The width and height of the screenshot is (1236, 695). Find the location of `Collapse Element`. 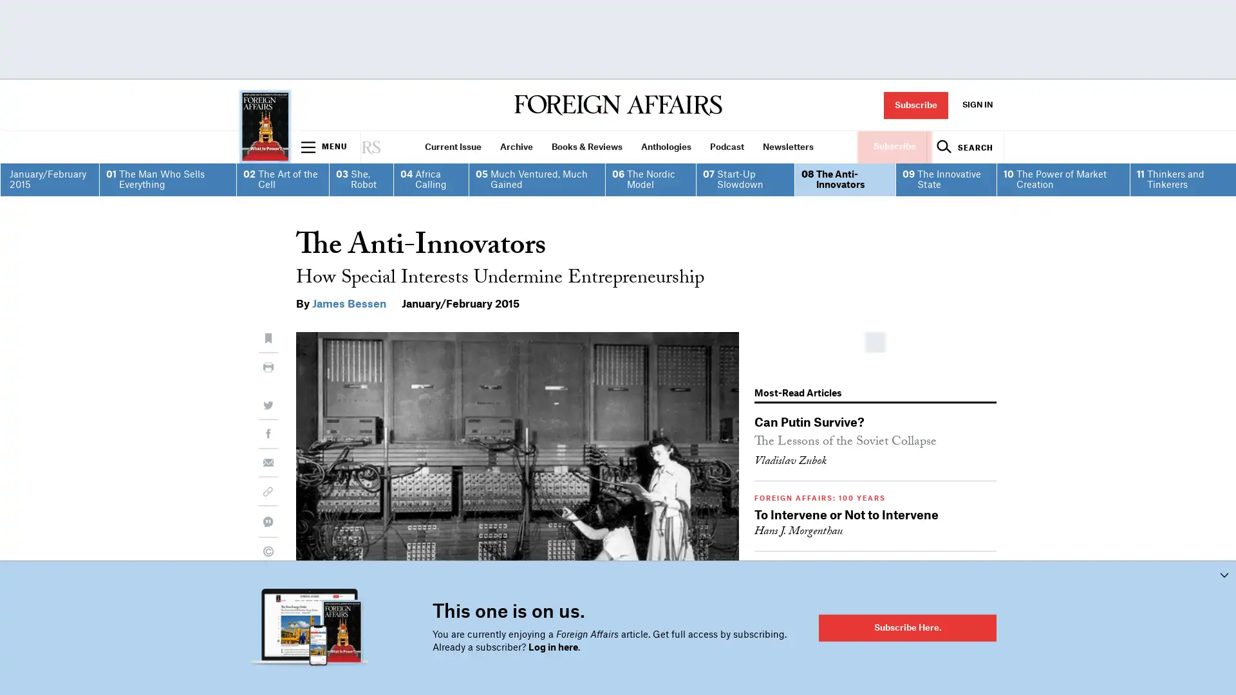

Collapse Element is located at coordinates (1223, 574).